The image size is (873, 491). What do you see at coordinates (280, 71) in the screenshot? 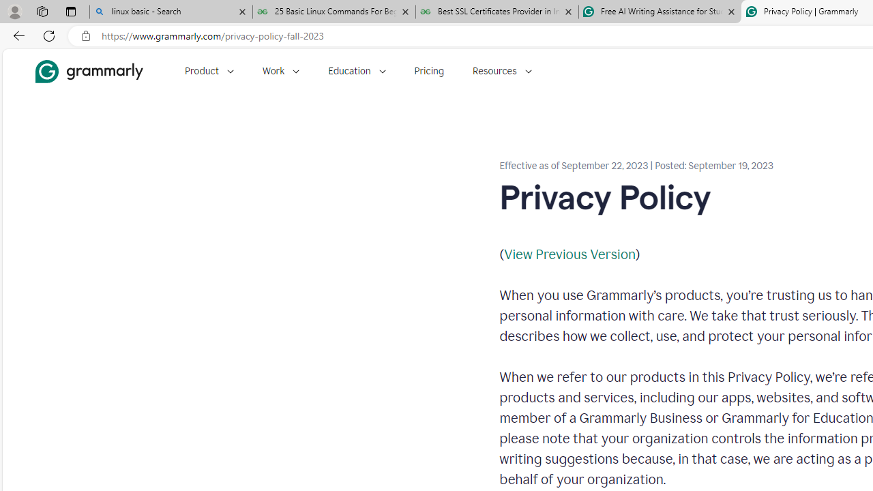
I see `'Work'` at bounding box center [280, 71].